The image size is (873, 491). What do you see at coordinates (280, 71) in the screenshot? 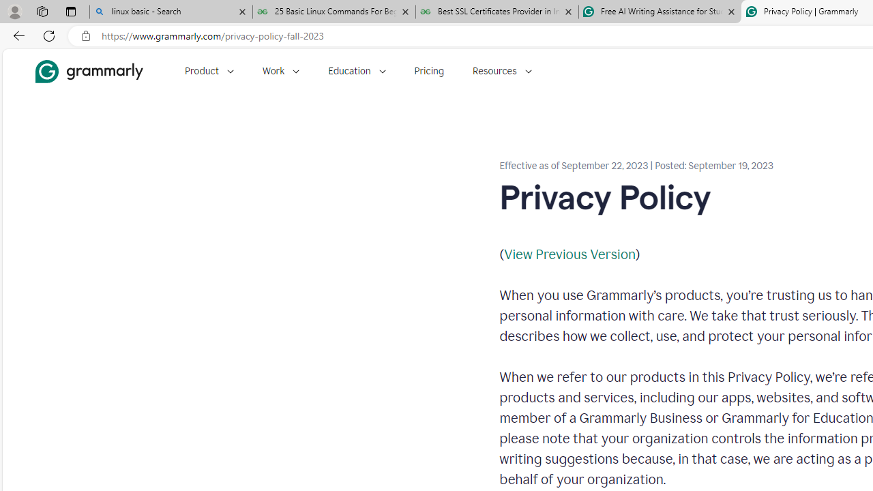
I see `'Work'` at bounding box center [280, 71].